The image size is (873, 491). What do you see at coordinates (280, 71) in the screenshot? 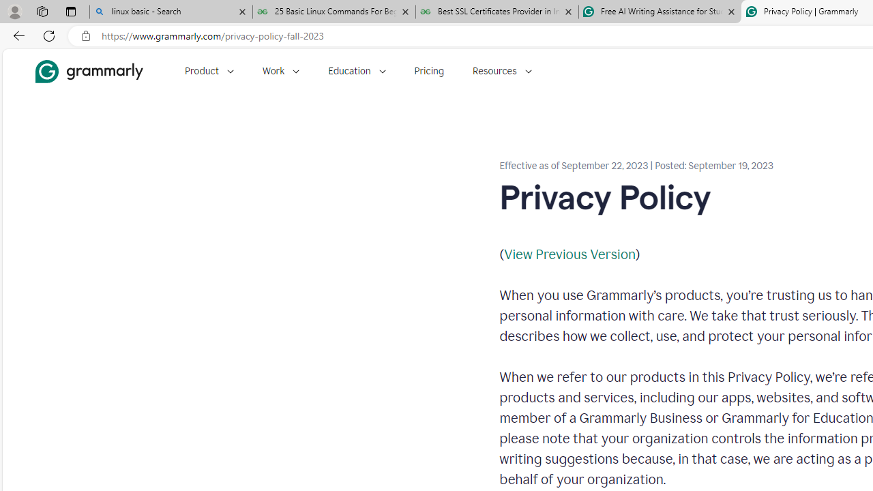
I see `'Work'` at bounding box center [280, 71].